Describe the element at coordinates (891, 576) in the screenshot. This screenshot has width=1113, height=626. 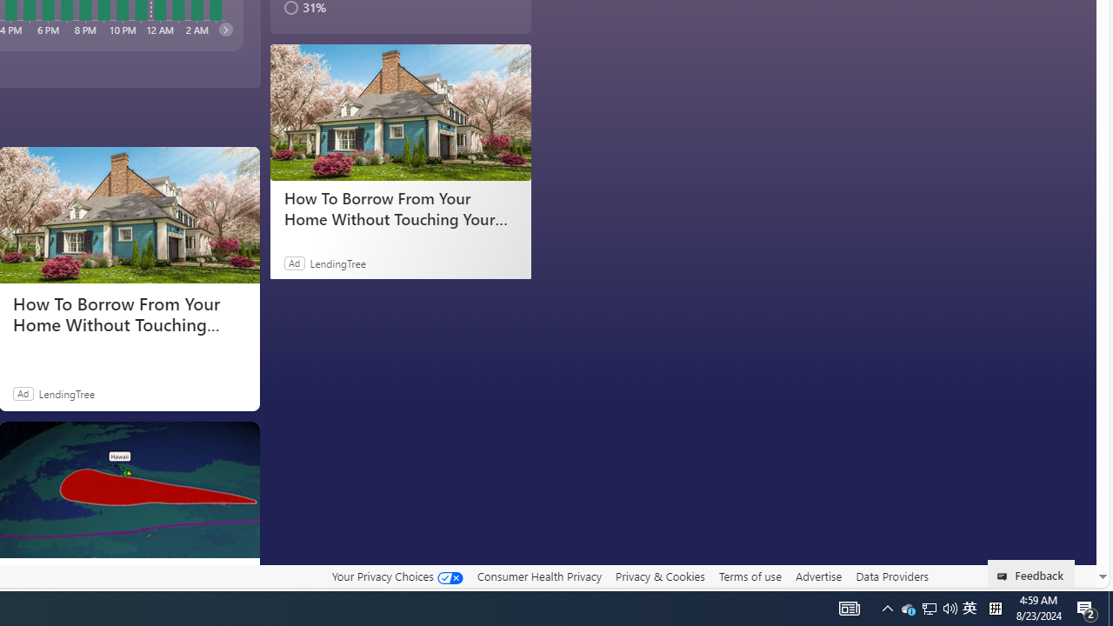
I see `'Data Providers'` at that location.